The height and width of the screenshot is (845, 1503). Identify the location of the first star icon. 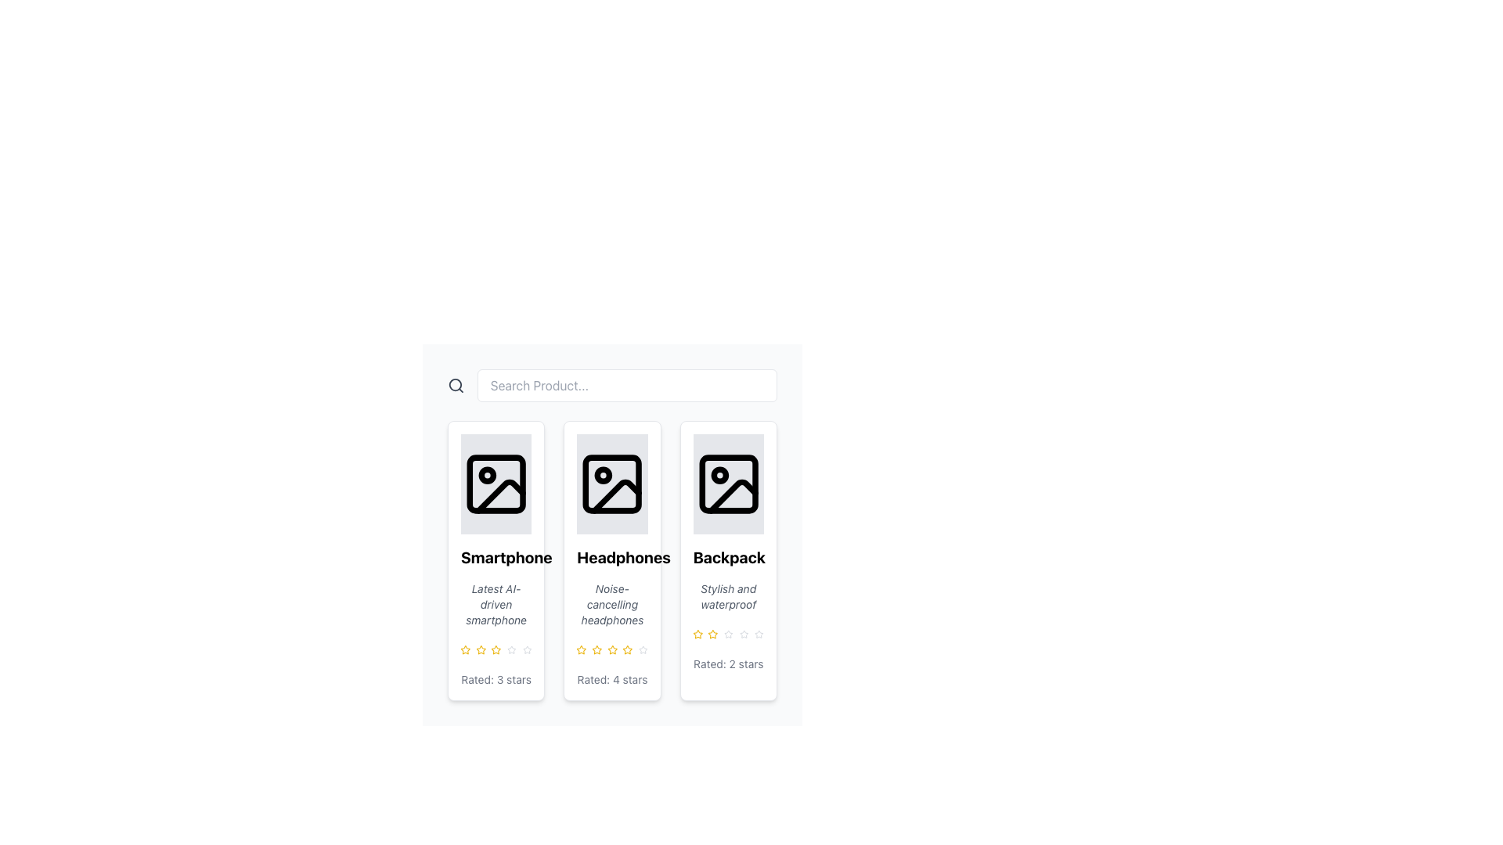
(697, 634).